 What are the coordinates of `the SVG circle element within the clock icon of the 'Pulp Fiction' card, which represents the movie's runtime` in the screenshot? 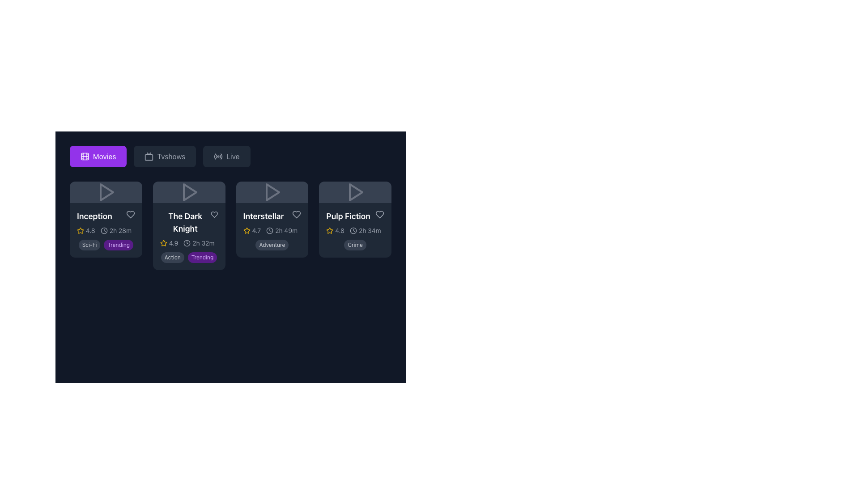 It's located at (353, 230).